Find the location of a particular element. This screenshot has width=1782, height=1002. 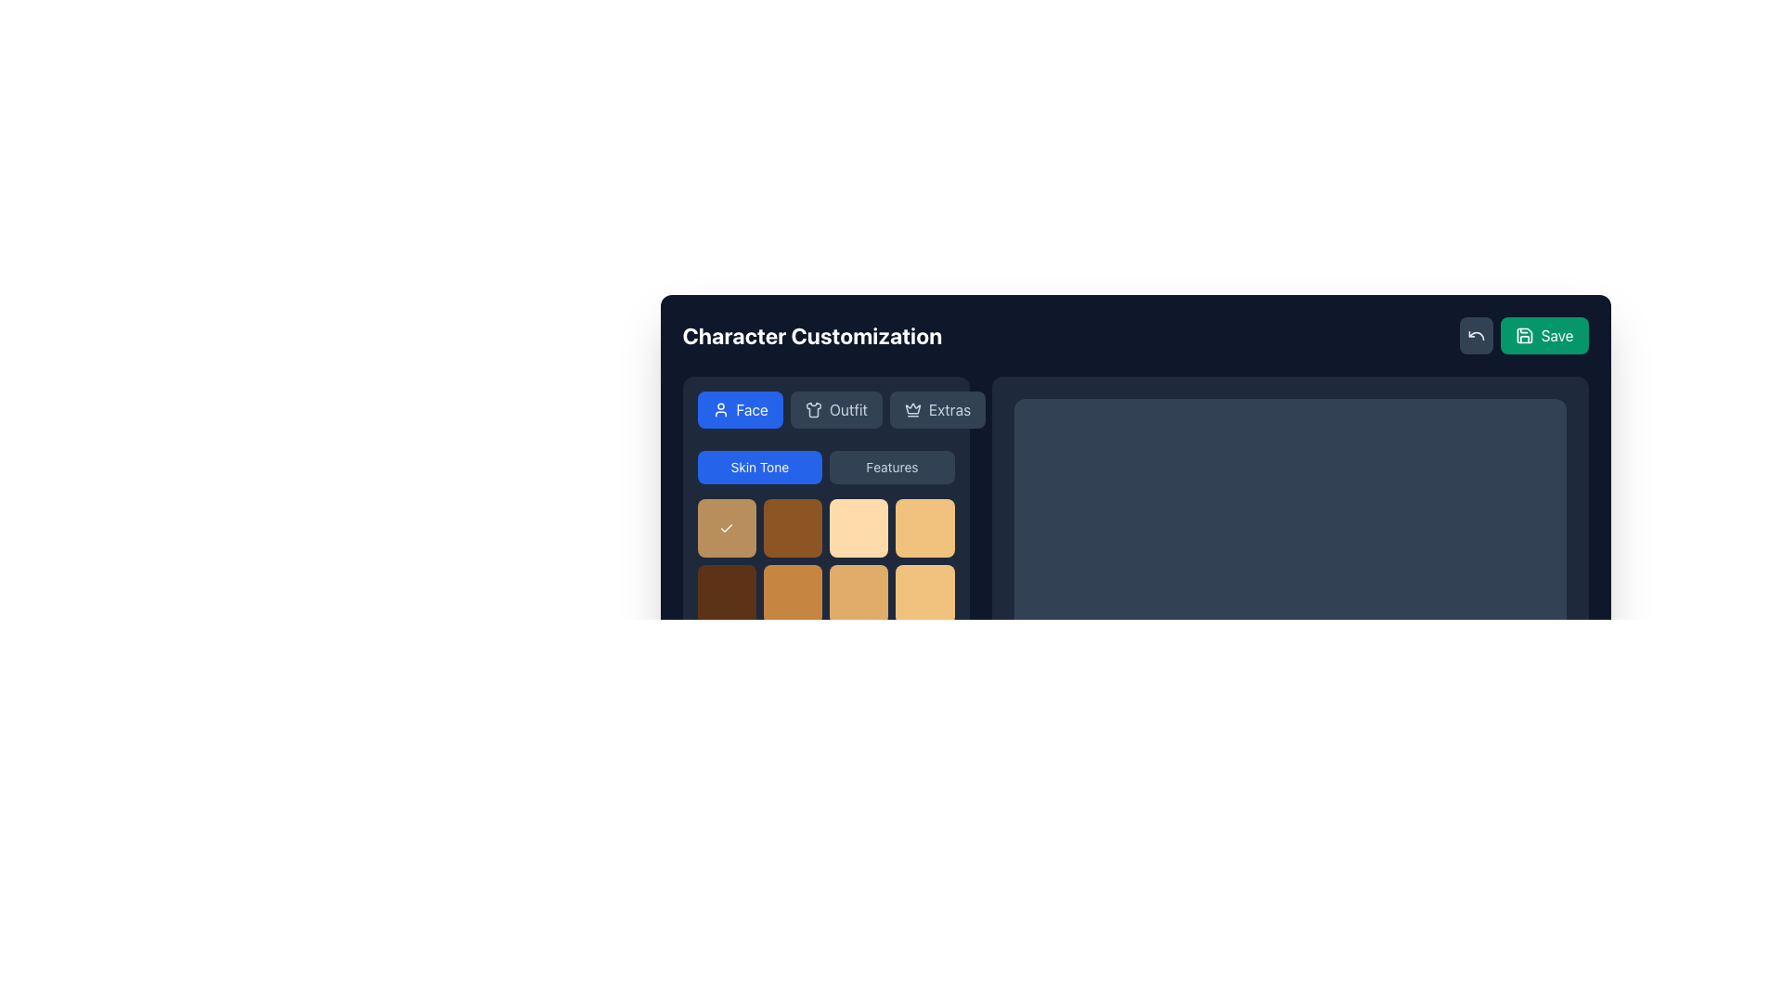

the button labeled 'Outfit', which has a dark gray background with a white shirt icon and light gray text is located at coordinates (835, 409).